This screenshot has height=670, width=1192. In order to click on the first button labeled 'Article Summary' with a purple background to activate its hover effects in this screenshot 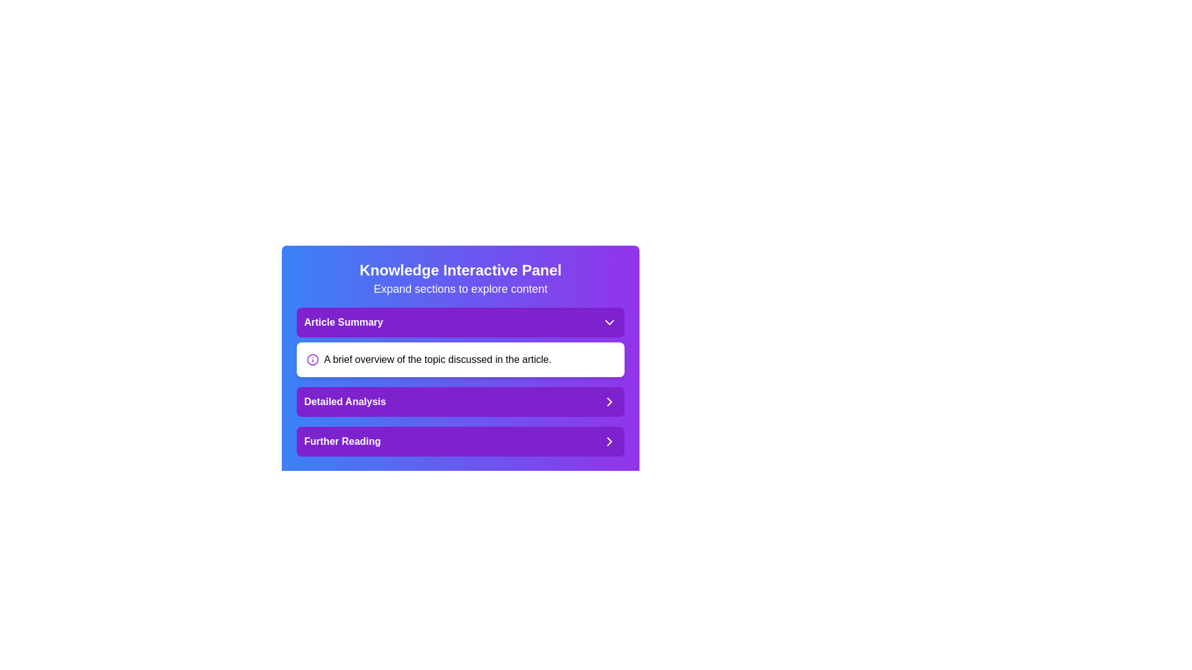, I will do `click(460, 322)`.